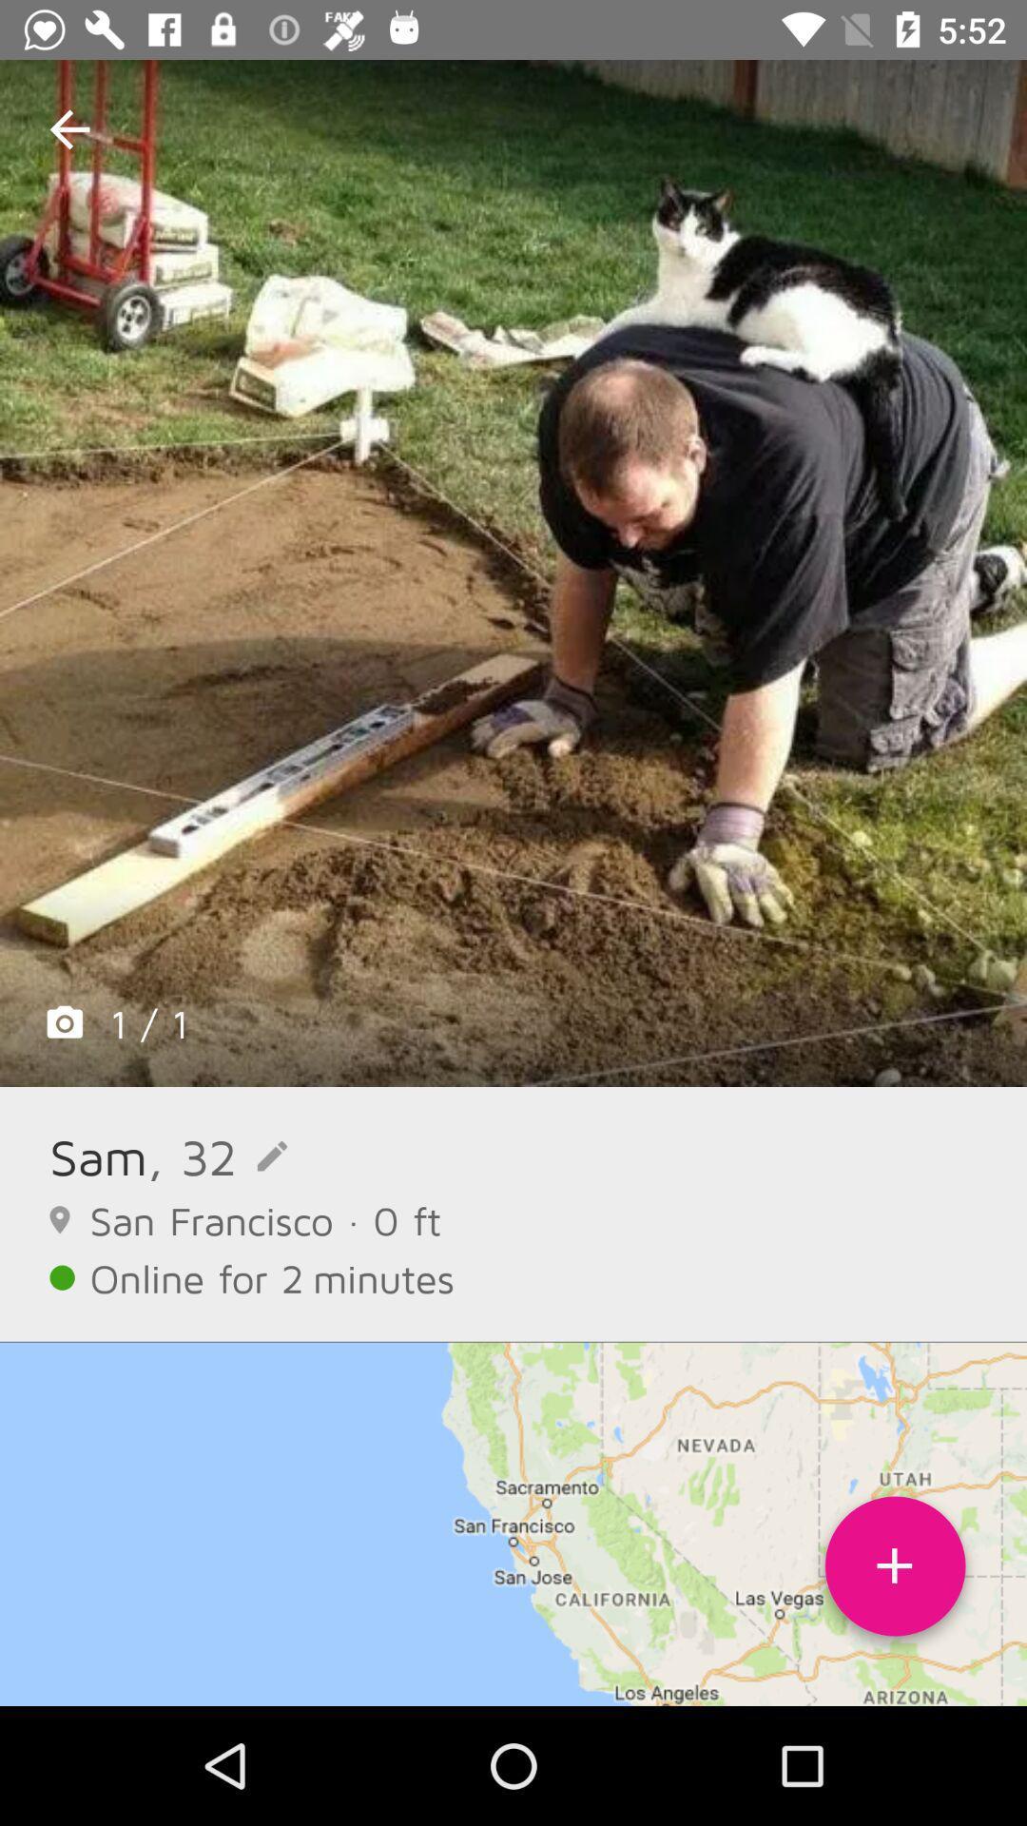 The image size is (1027, 1826). Describe the element at coordinates (513, 573) in the screenshot. I see `zoom in` at that location.